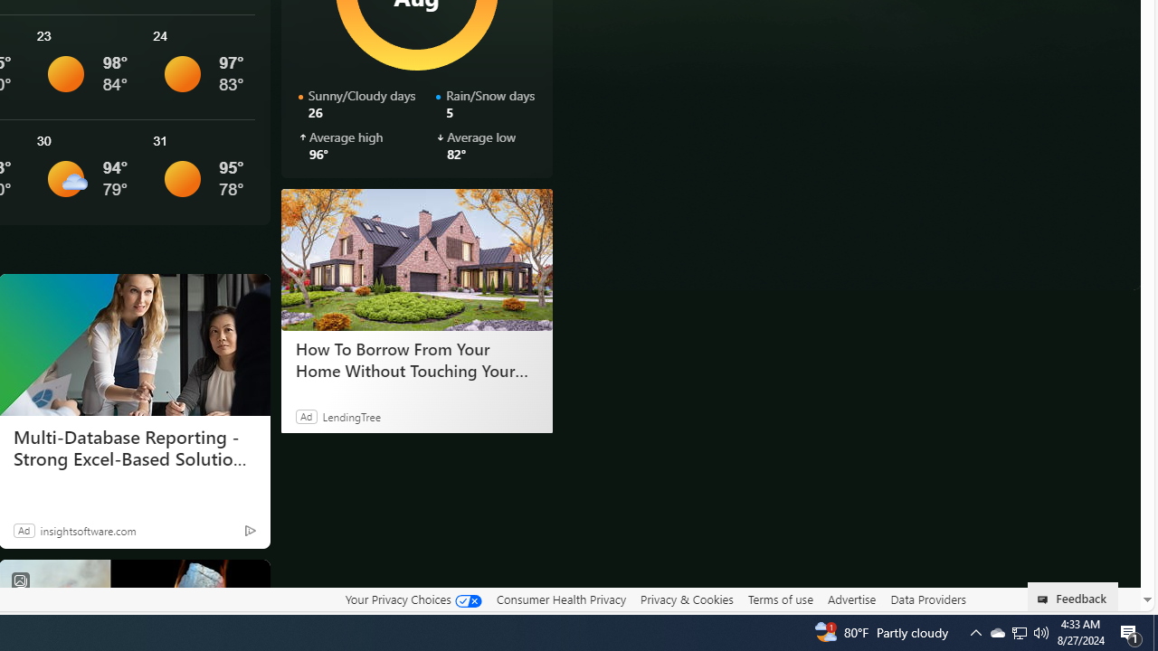 The image size is (1158, 651). I want to click on 'Your Privacy Choices', so click(412, 599).